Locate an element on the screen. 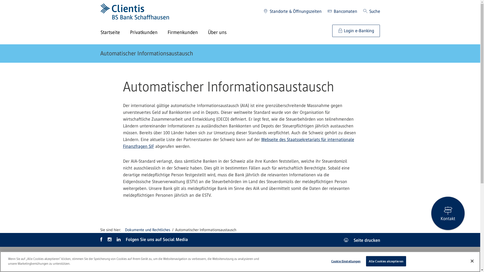 This screenshot has width=484, height=272. 'Privatkunden' is located at coordinates (148, 33).